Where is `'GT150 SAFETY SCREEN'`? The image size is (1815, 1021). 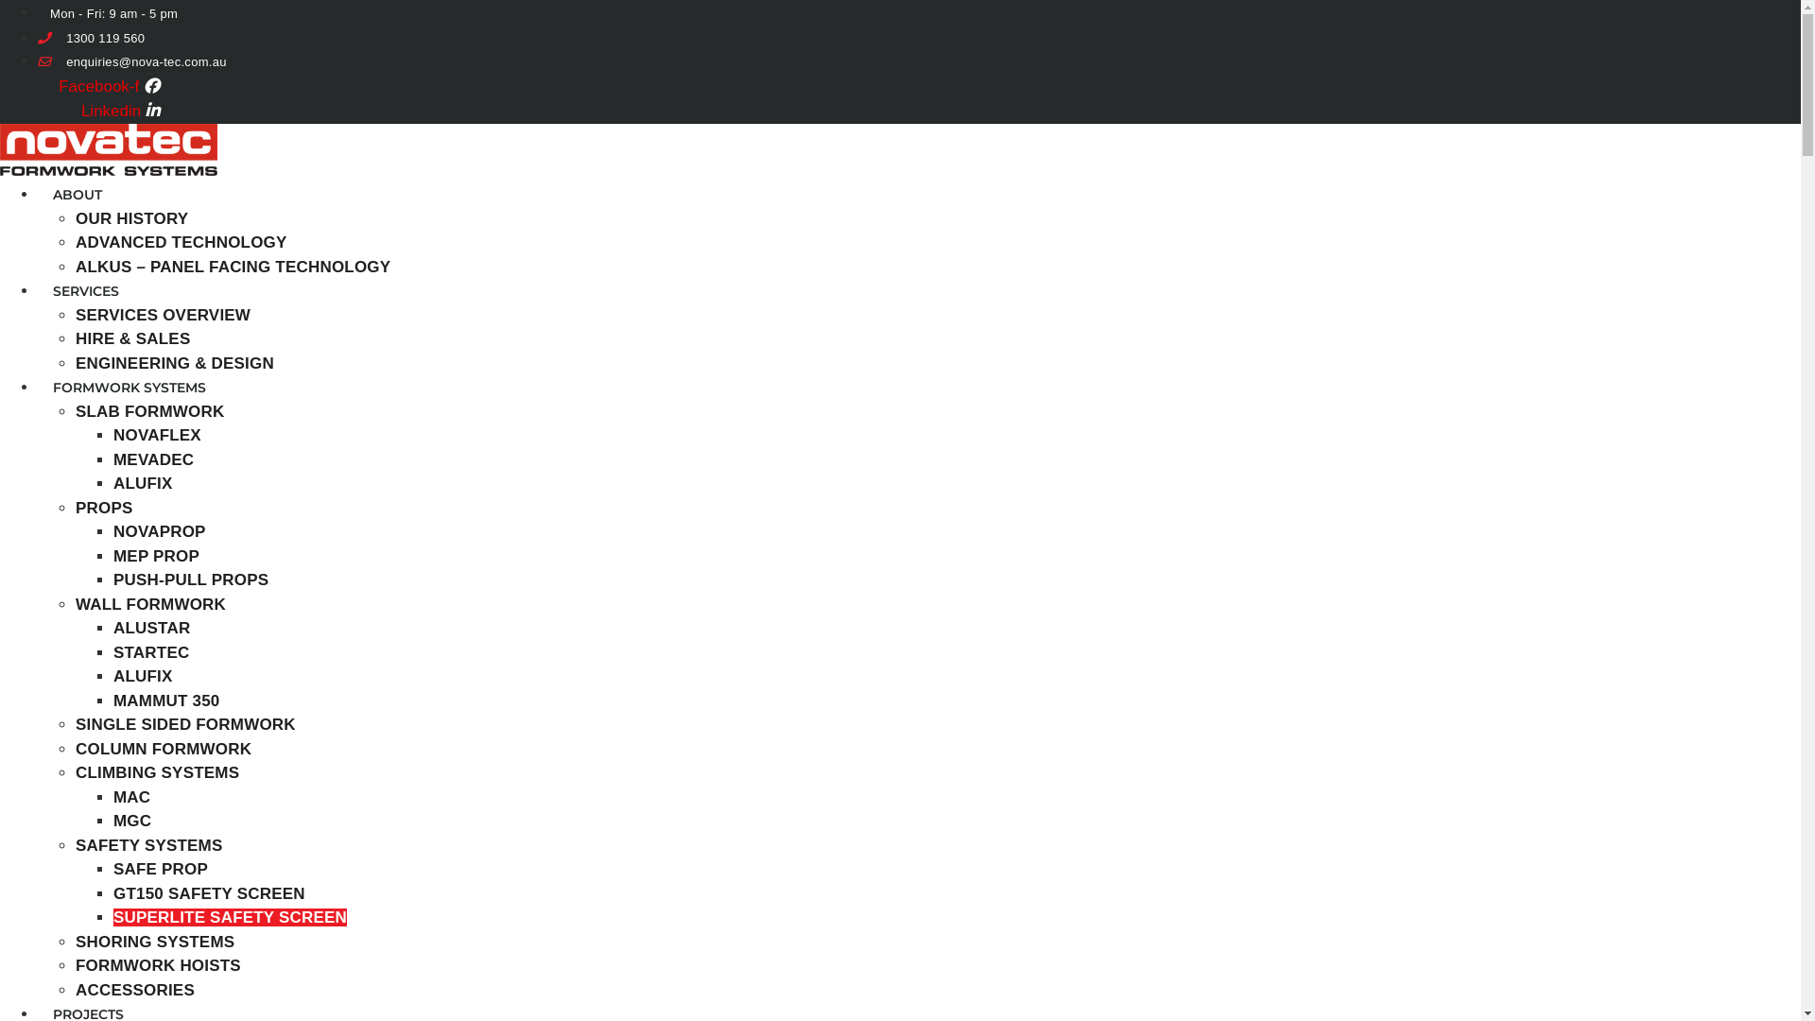 'GT150 SAFETY SCREEN' is located at coordinates (209, 893).